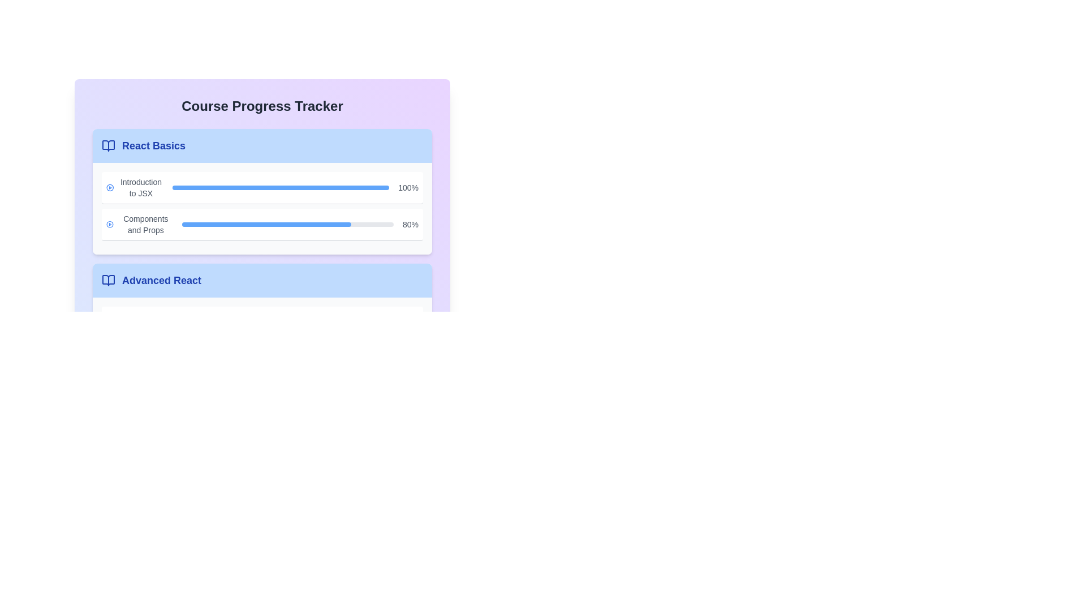  Describe the element at coordinates (262, 209) in the screenshot. I see `the progress information for the topics 'Introduction to JSX' and 'Components and Props' displayed in the course tracker within the 'React Basics' section` at that location.